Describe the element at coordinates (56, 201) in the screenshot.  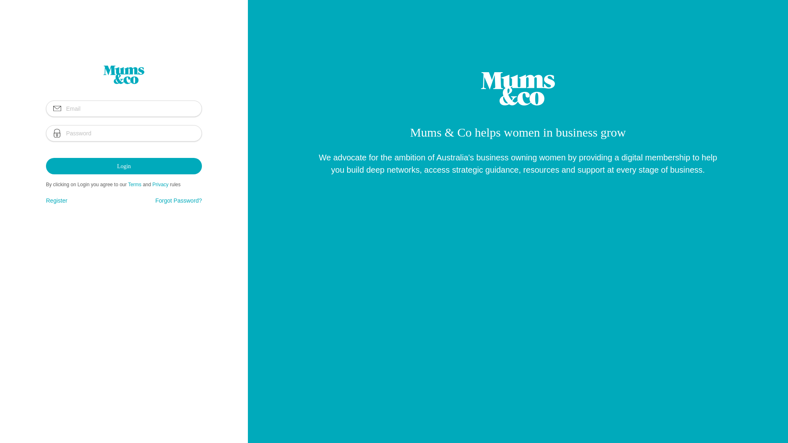
I see `'Register'` at that location.